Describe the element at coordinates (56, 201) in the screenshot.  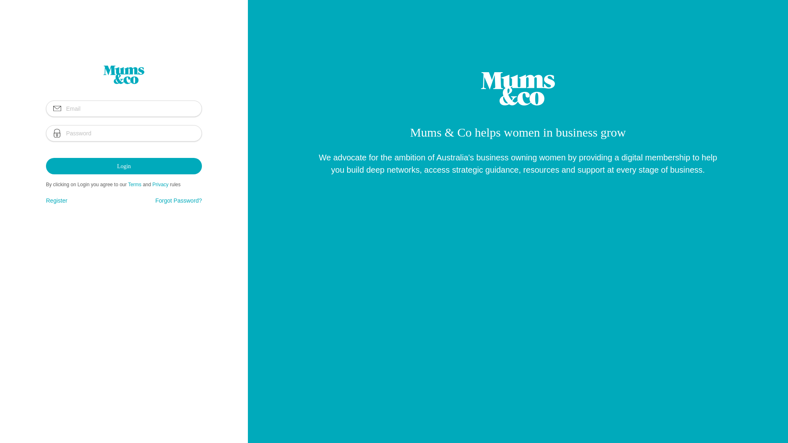
I see `'Register'` at that location.